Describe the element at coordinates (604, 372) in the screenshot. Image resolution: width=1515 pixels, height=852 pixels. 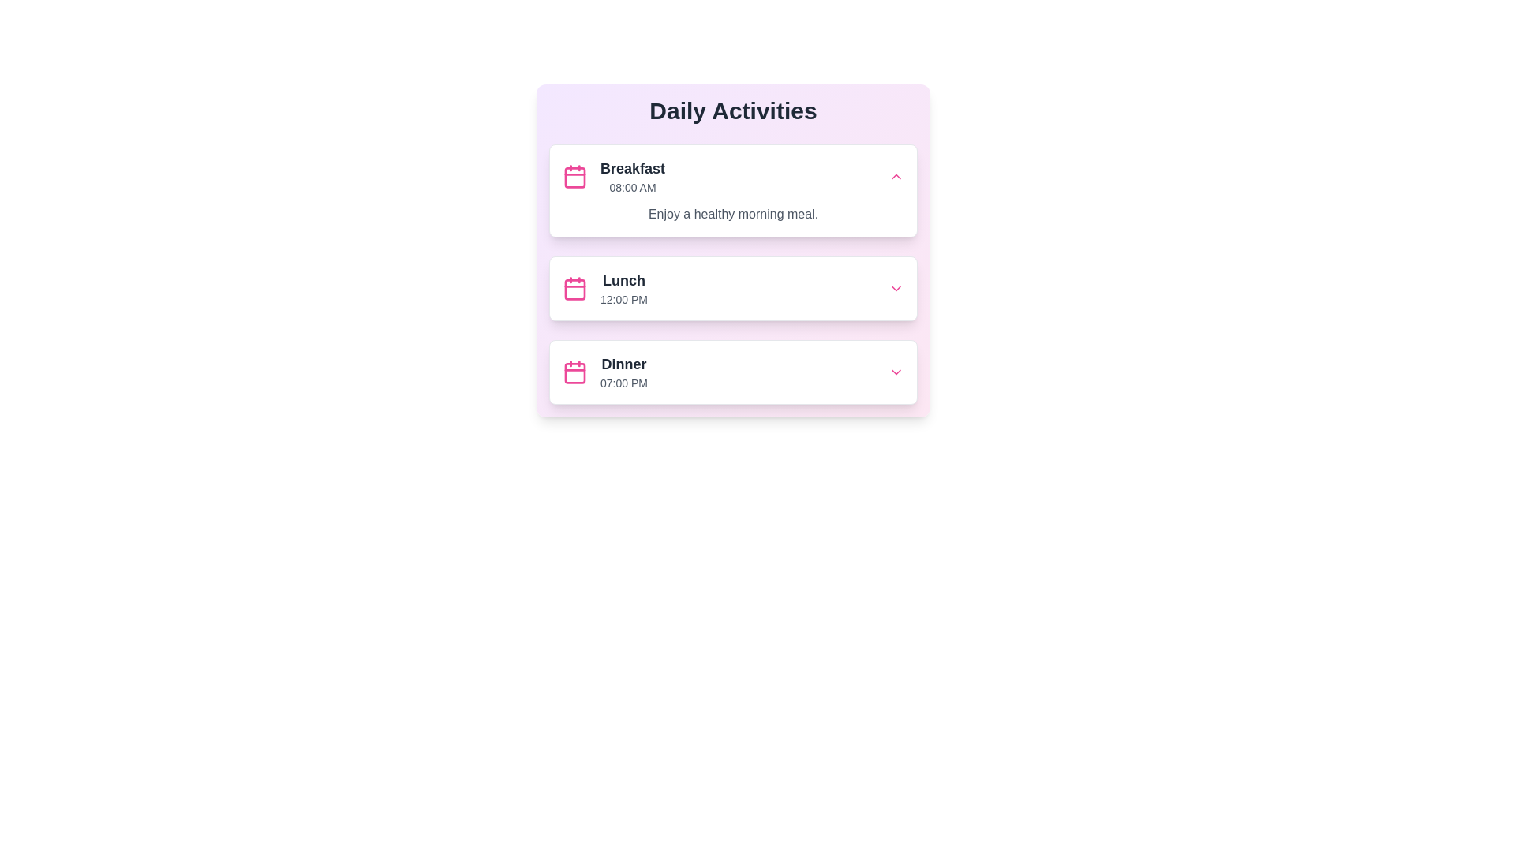
I see `event title 'Dinner' and time '07:00 PM' from the descriptive text block located within the 'Daily Activities' section of the calendar interface` at that location.